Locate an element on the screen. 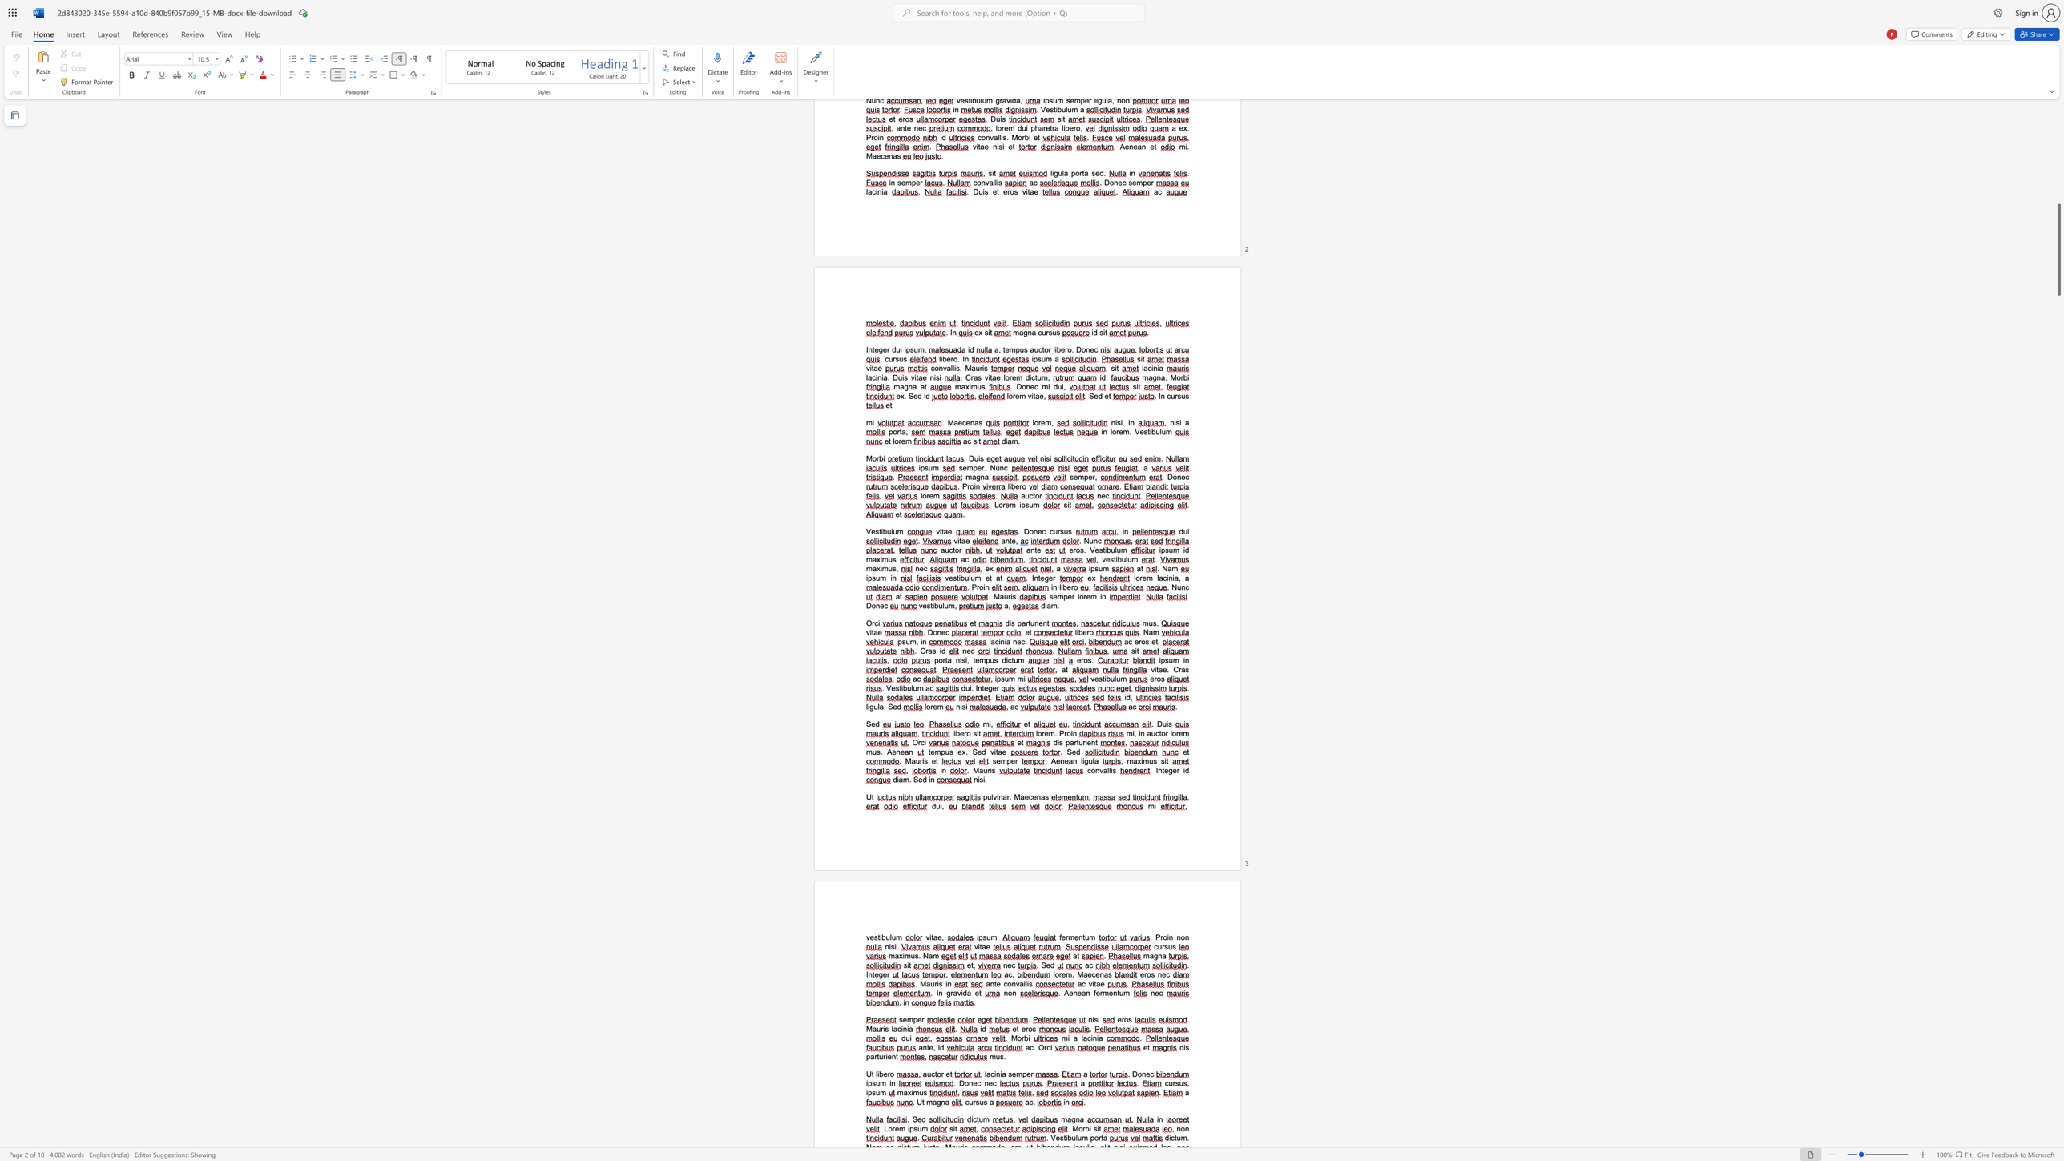 The image size is (2064, 1161). the 1th character "e" in the text is located at coordinates (974, 1082).